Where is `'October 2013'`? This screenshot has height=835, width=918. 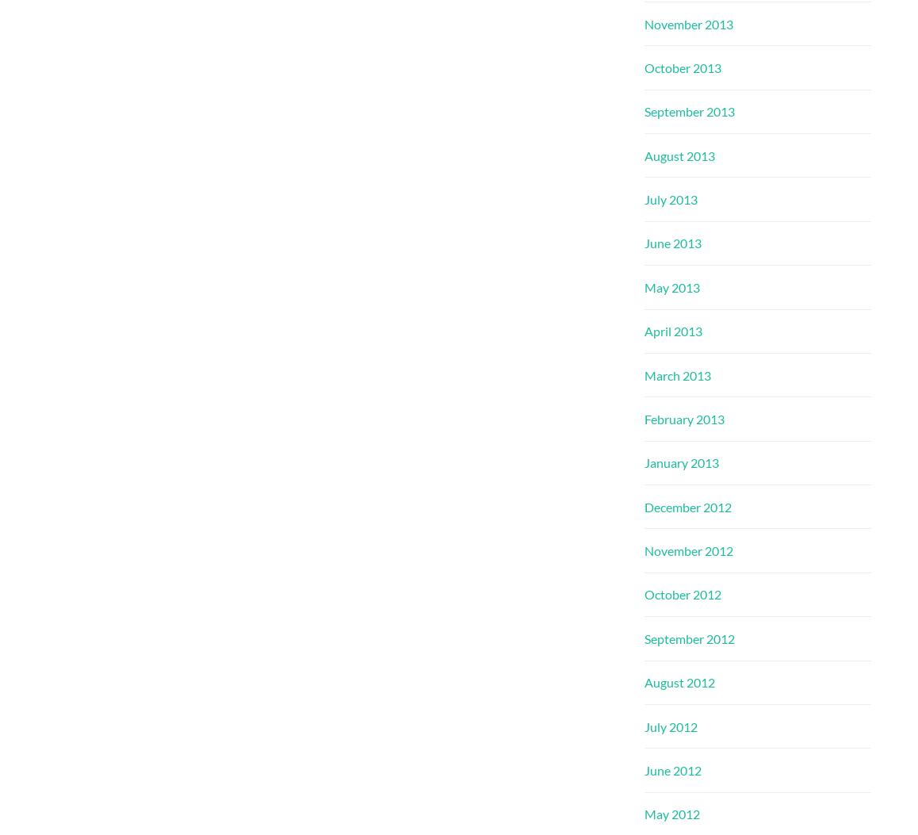
'October 2013' is located at coordinates (682, 66).